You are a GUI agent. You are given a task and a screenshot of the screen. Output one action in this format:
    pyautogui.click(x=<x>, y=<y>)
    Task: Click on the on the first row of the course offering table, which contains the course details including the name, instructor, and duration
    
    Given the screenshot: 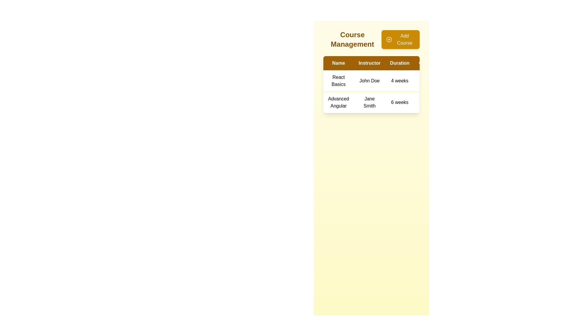 What is the action you would take?
    pyautogui.click(x=397, y=81)
    